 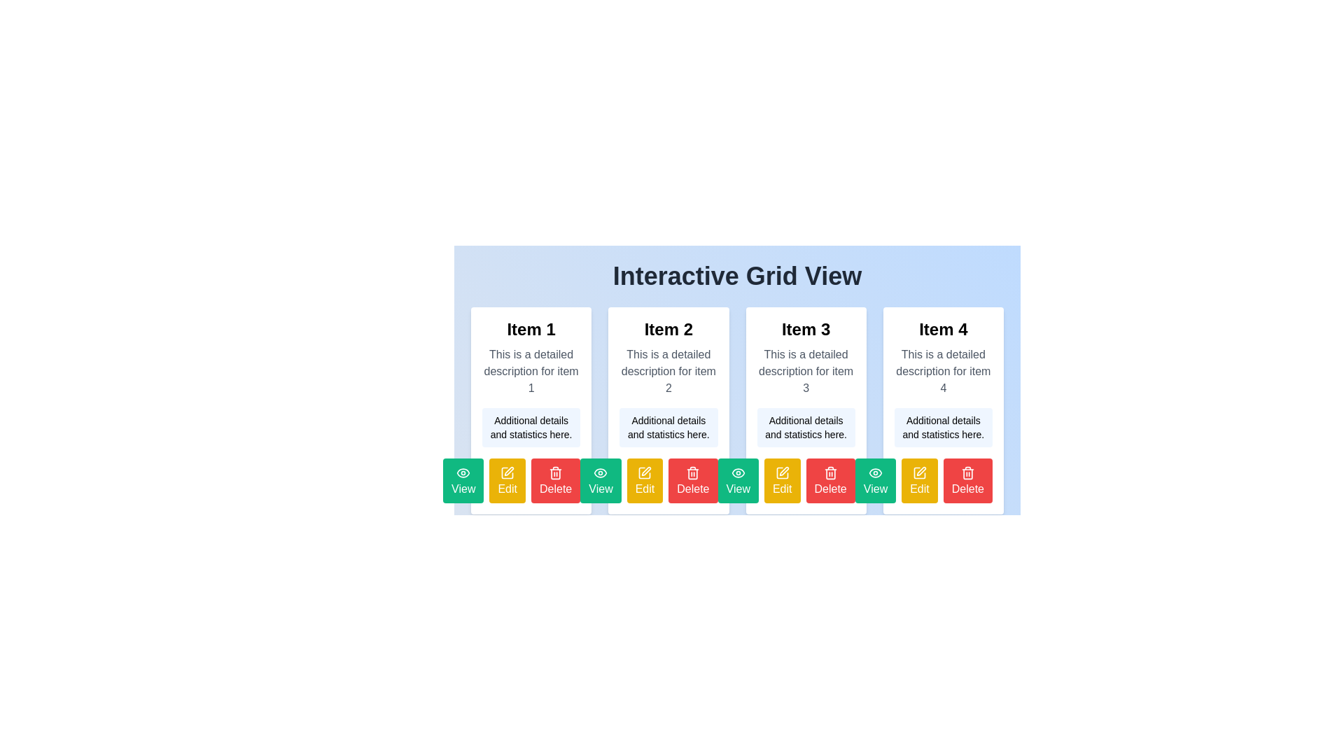 I want to click on the yellow pen icon within the 'Edit' button located in the fourth column below 'Item 4' to initiate the edit action, so click(x=920, y=472).